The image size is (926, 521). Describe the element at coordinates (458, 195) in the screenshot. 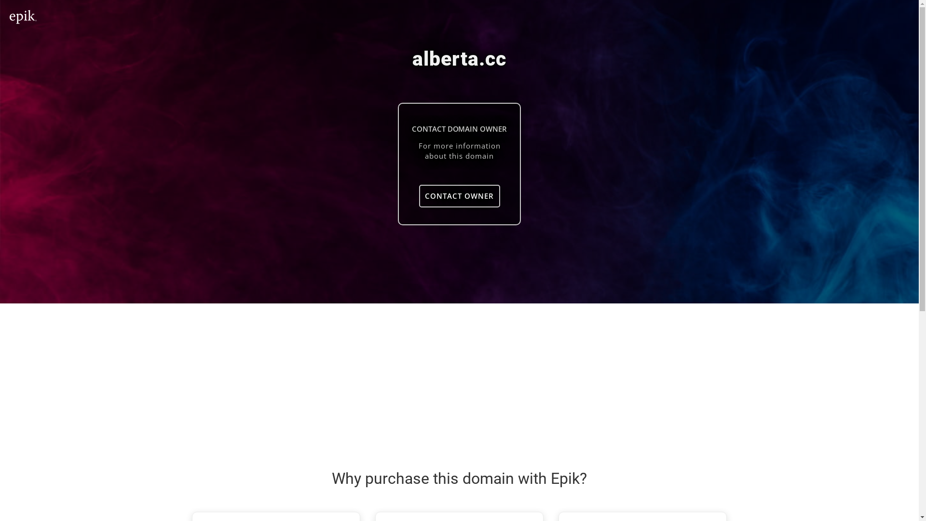

I see `'CONTACT OWNER'` at that location.